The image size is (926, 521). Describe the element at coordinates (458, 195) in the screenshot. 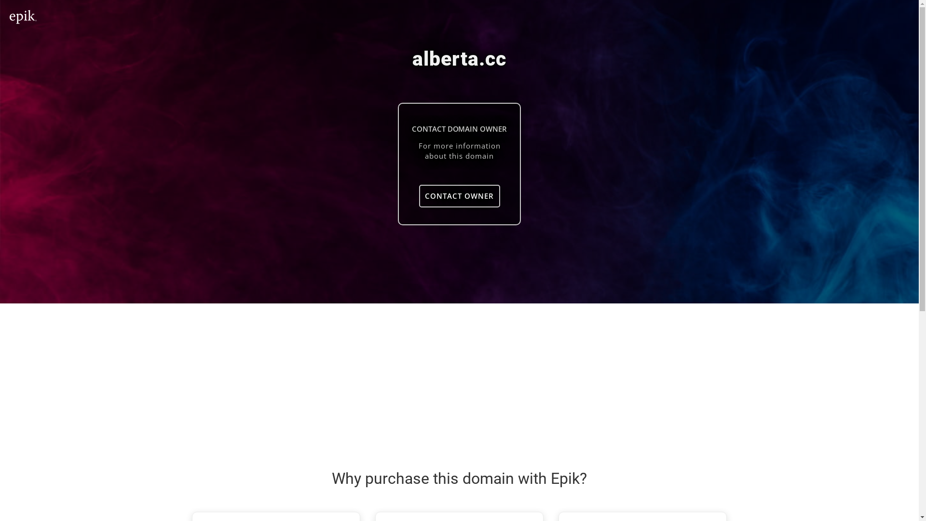

I see `'CONTACT OWNER'` at that location.